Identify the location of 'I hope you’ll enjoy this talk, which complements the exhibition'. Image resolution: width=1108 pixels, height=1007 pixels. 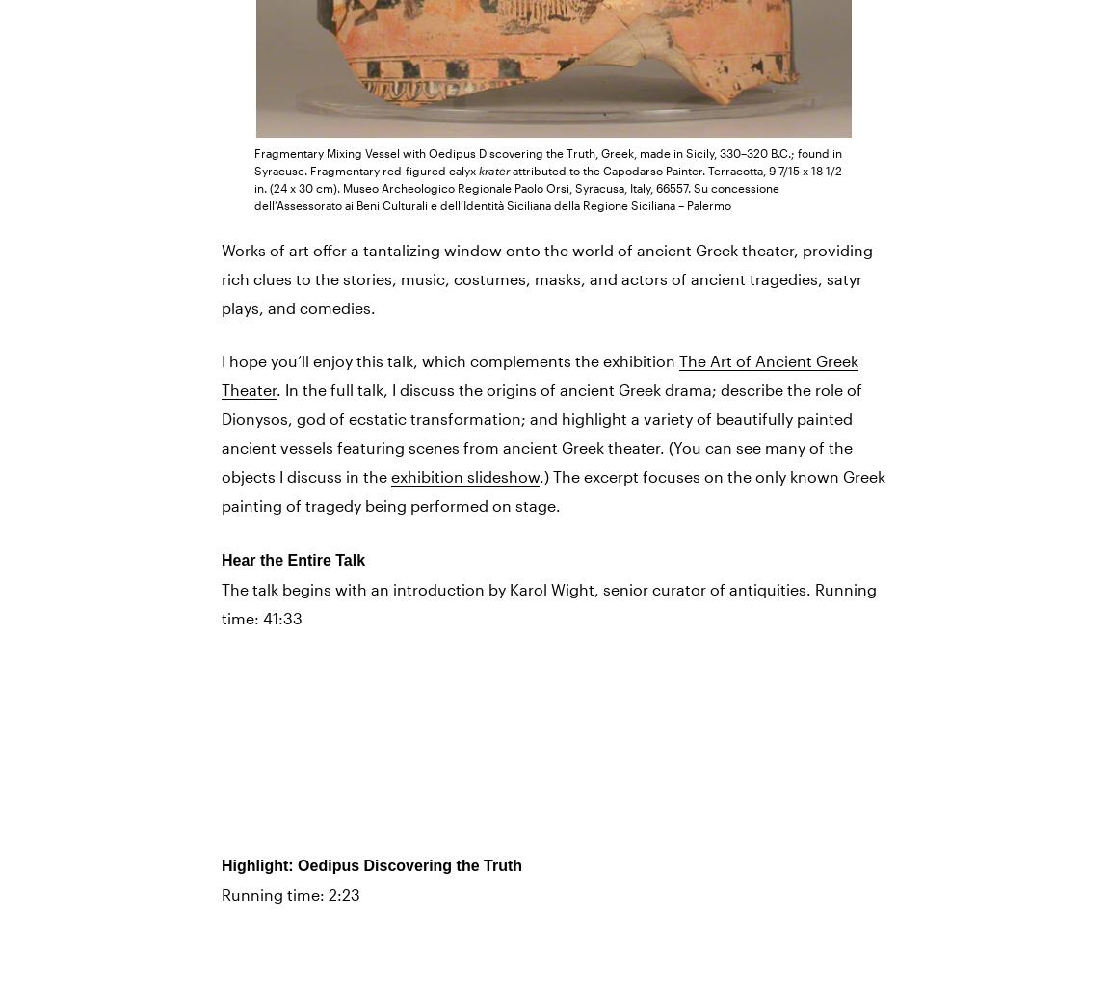
(450, 359).